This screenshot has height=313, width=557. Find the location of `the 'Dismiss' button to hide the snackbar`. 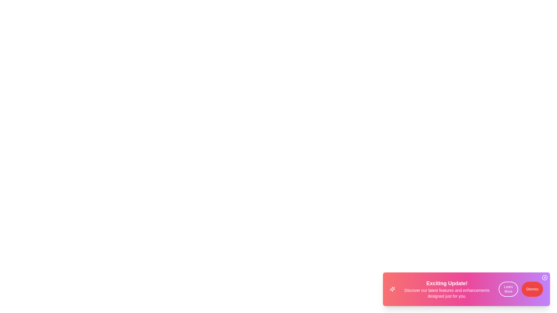

the 'Dismiss' button to hide the snackbar is located at coordinates (532, 289).